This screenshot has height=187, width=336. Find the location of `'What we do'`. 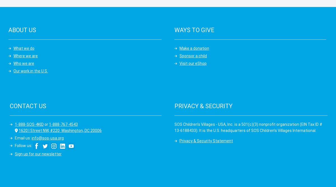

'What we do' is located at coordinates (24, 48).